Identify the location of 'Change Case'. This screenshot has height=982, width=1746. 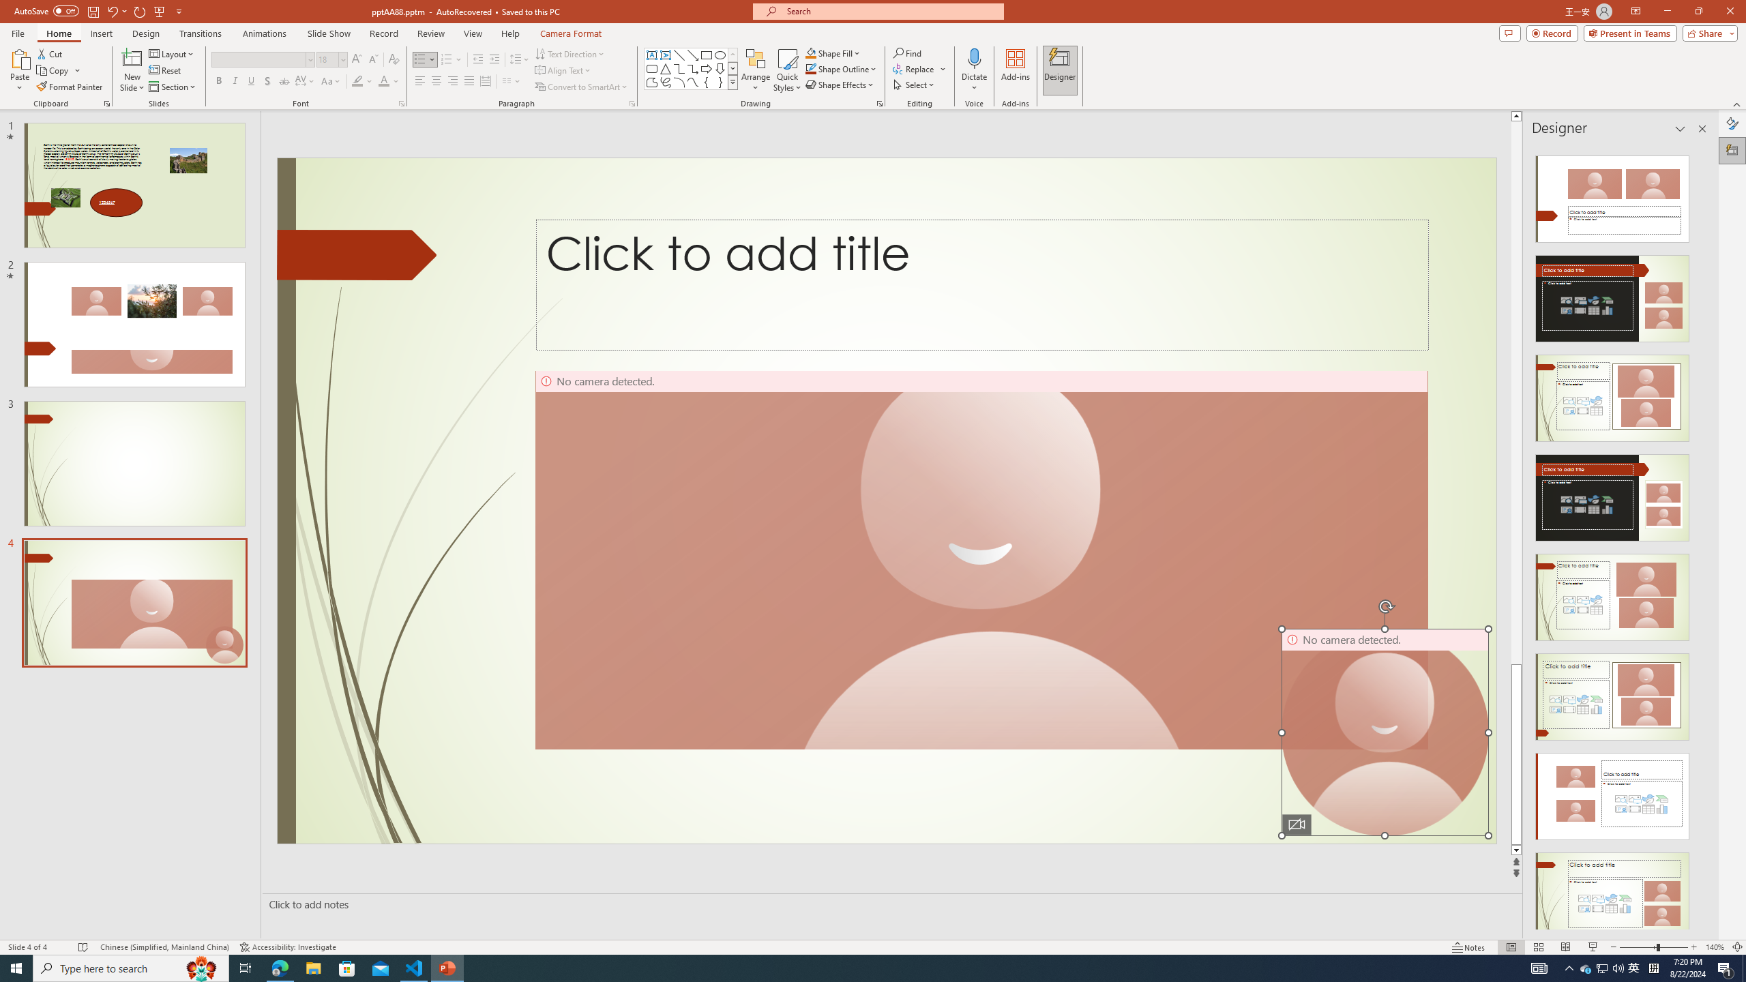
(331, 80).